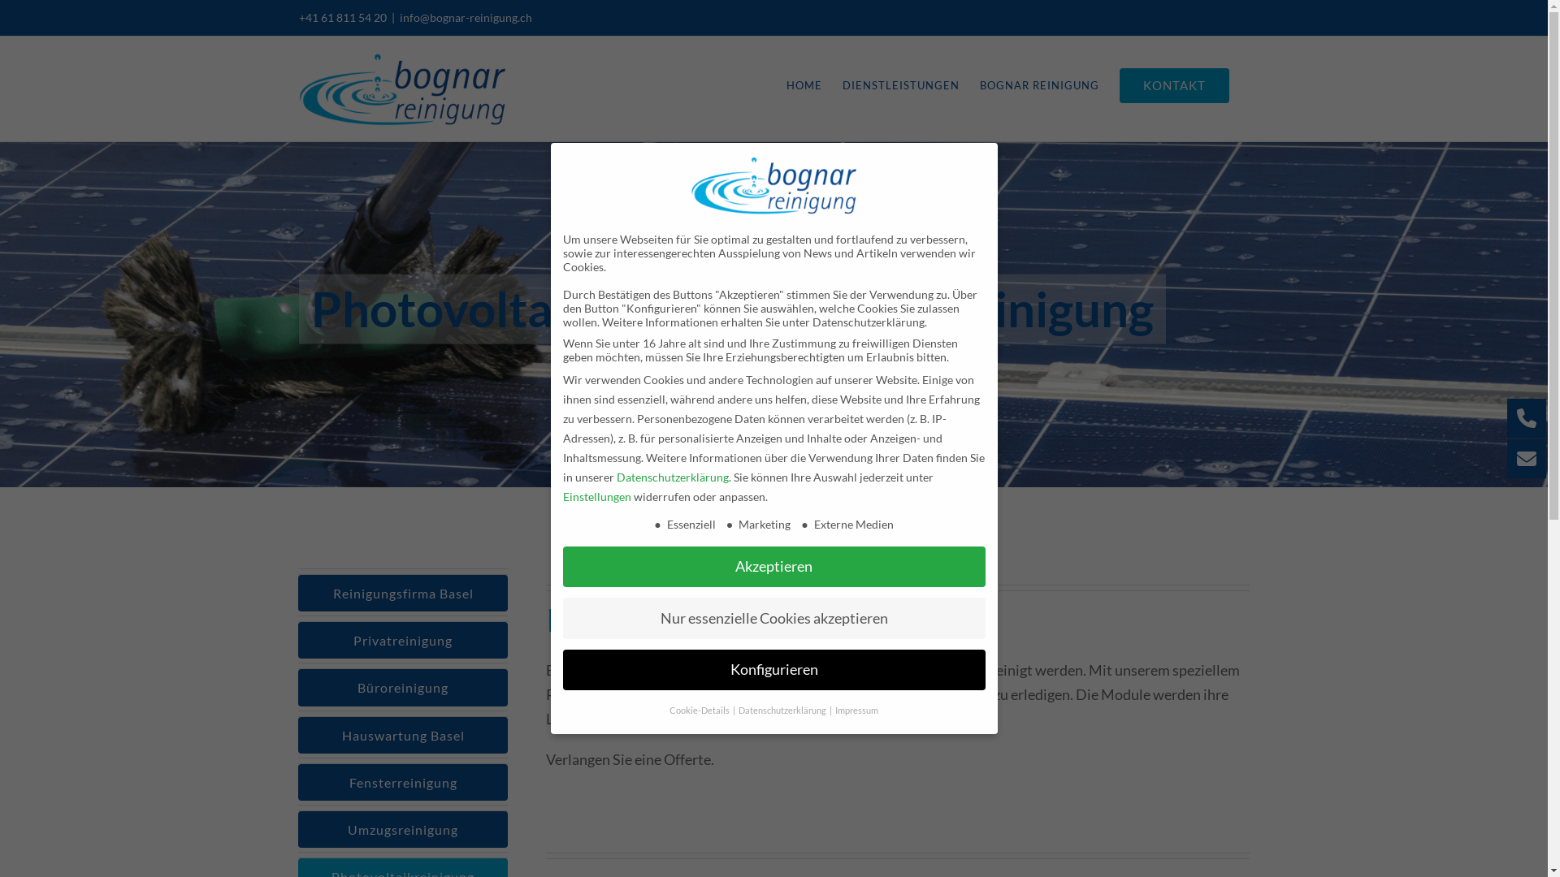 The width and height of the screenshot is (1560, 877). Describe the element at coordinates (834, 710) in the screenshot. I see `'Impressum'` at that location.